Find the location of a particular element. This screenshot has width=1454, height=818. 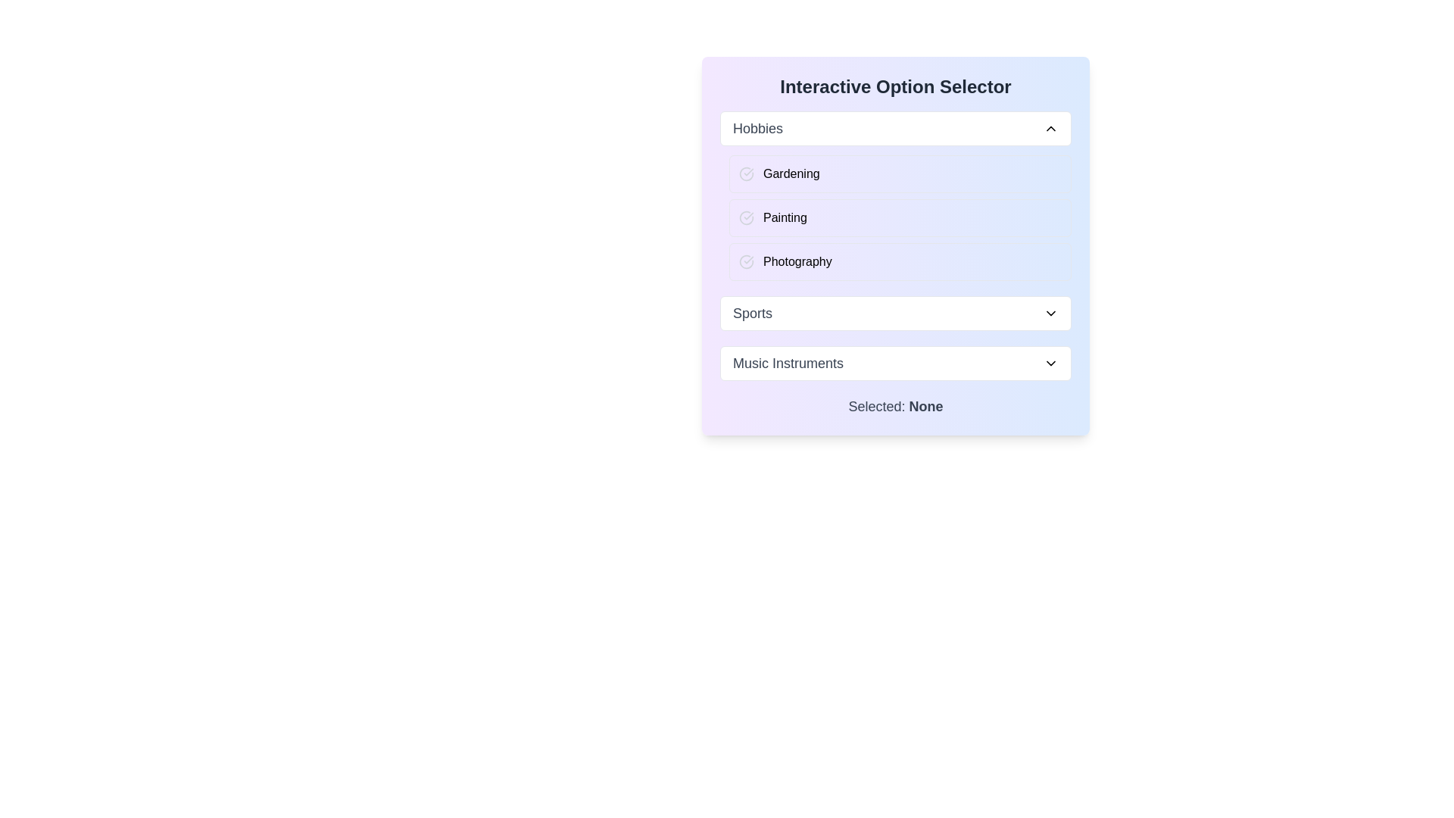

the selectable option labeled 'Gardening' in the 'Hobbies' dropdown is located at coordinates (900, 173).